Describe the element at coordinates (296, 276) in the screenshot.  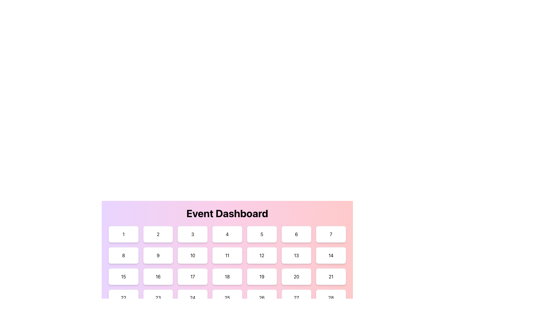
I see `the interactive button labeled '20' located in the third row and sixth column of the grid on the Event Dashboard` at that location.